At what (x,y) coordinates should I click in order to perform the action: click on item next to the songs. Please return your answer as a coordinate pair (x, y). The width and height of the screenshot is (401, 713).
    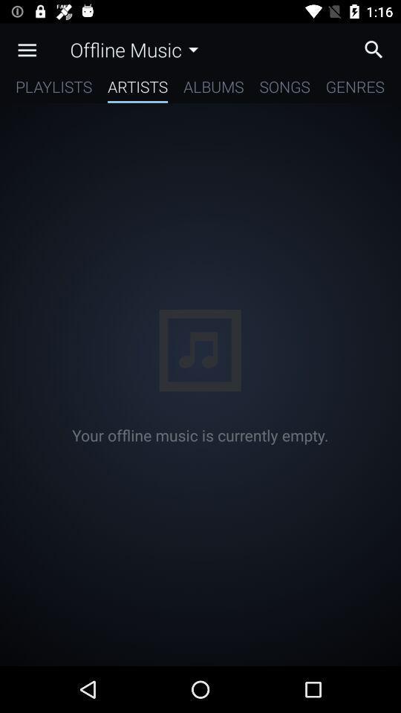
    Looking at the image, I should click on (354, 89).